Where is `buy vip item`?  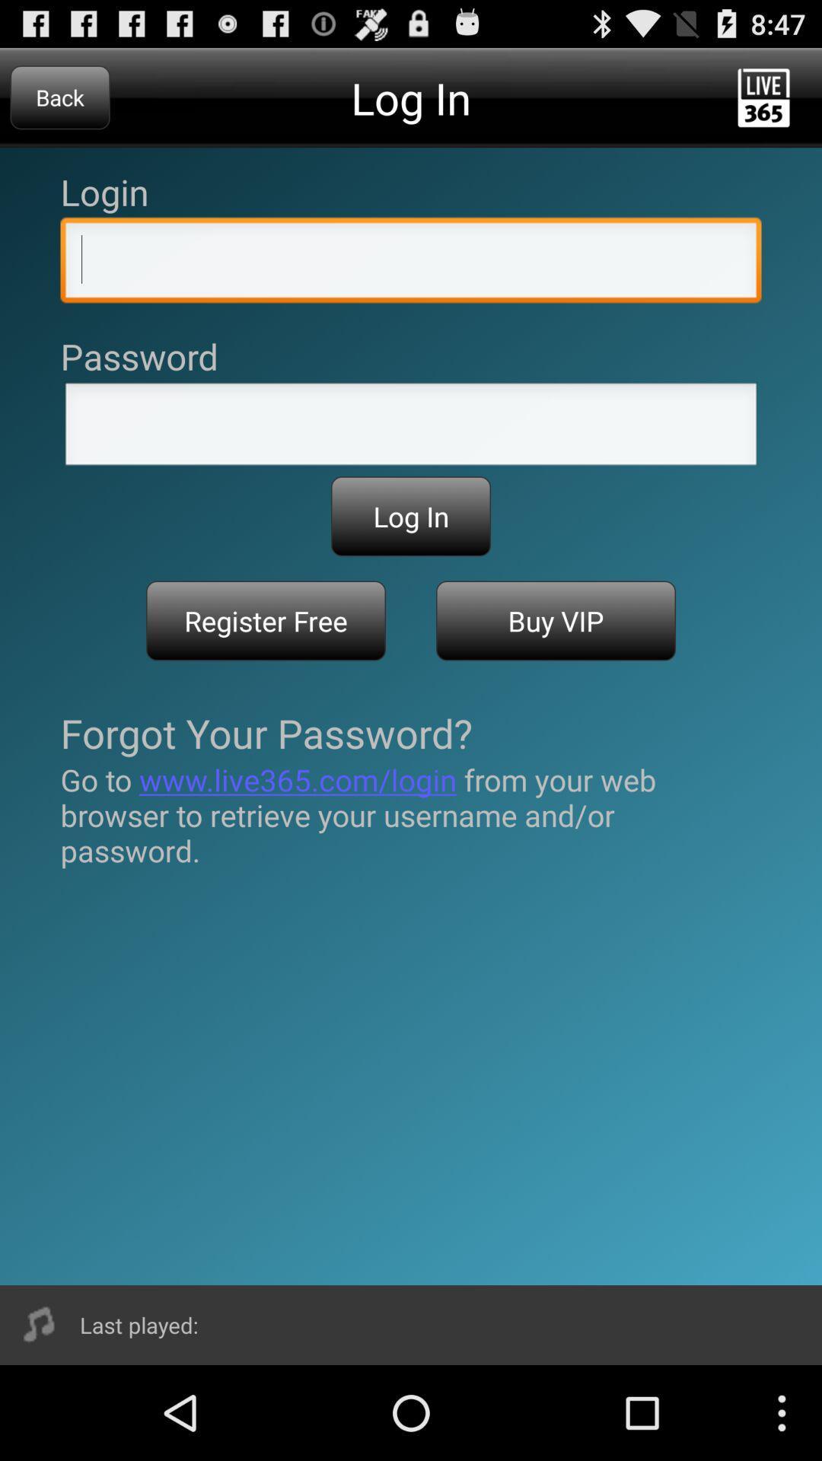
buy vip item is located at coordinates (556, 621).